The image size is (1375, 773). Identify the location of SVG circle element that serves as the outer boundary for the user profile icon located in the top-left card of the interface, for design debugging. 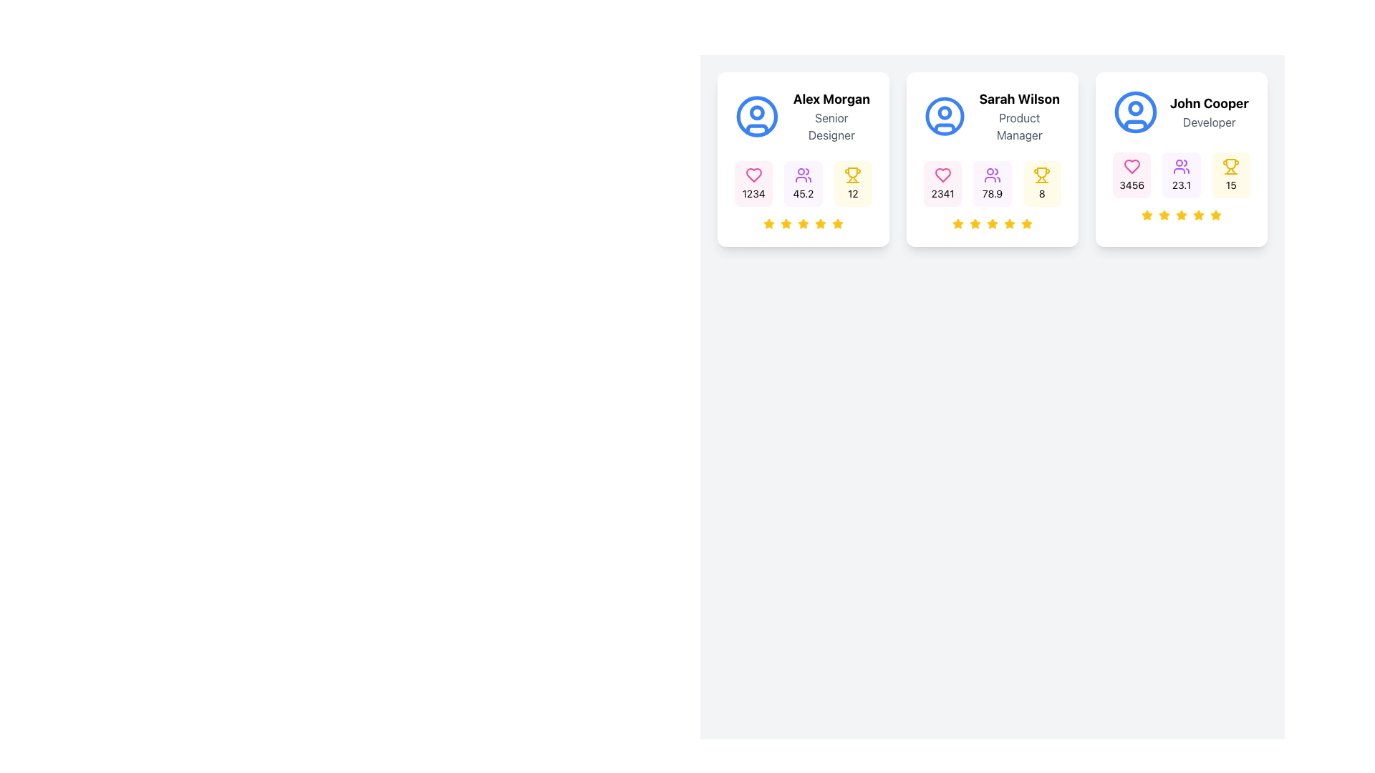
(756, 115).